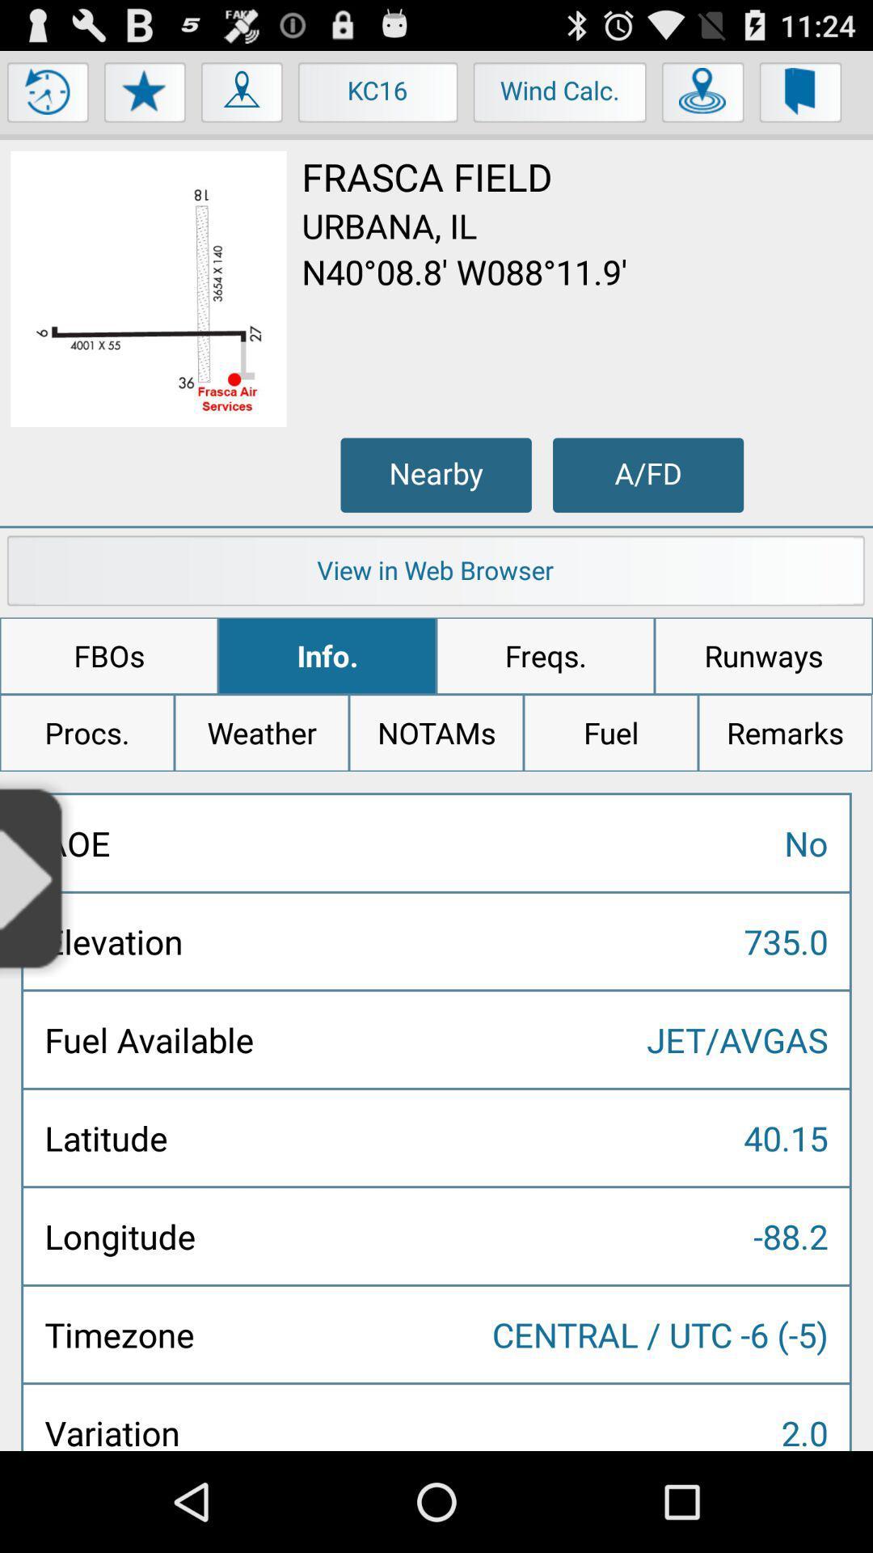  What do you see at coordinates (242, 95) in the screenshot?
I see `map` at bounding box center [242, 95].